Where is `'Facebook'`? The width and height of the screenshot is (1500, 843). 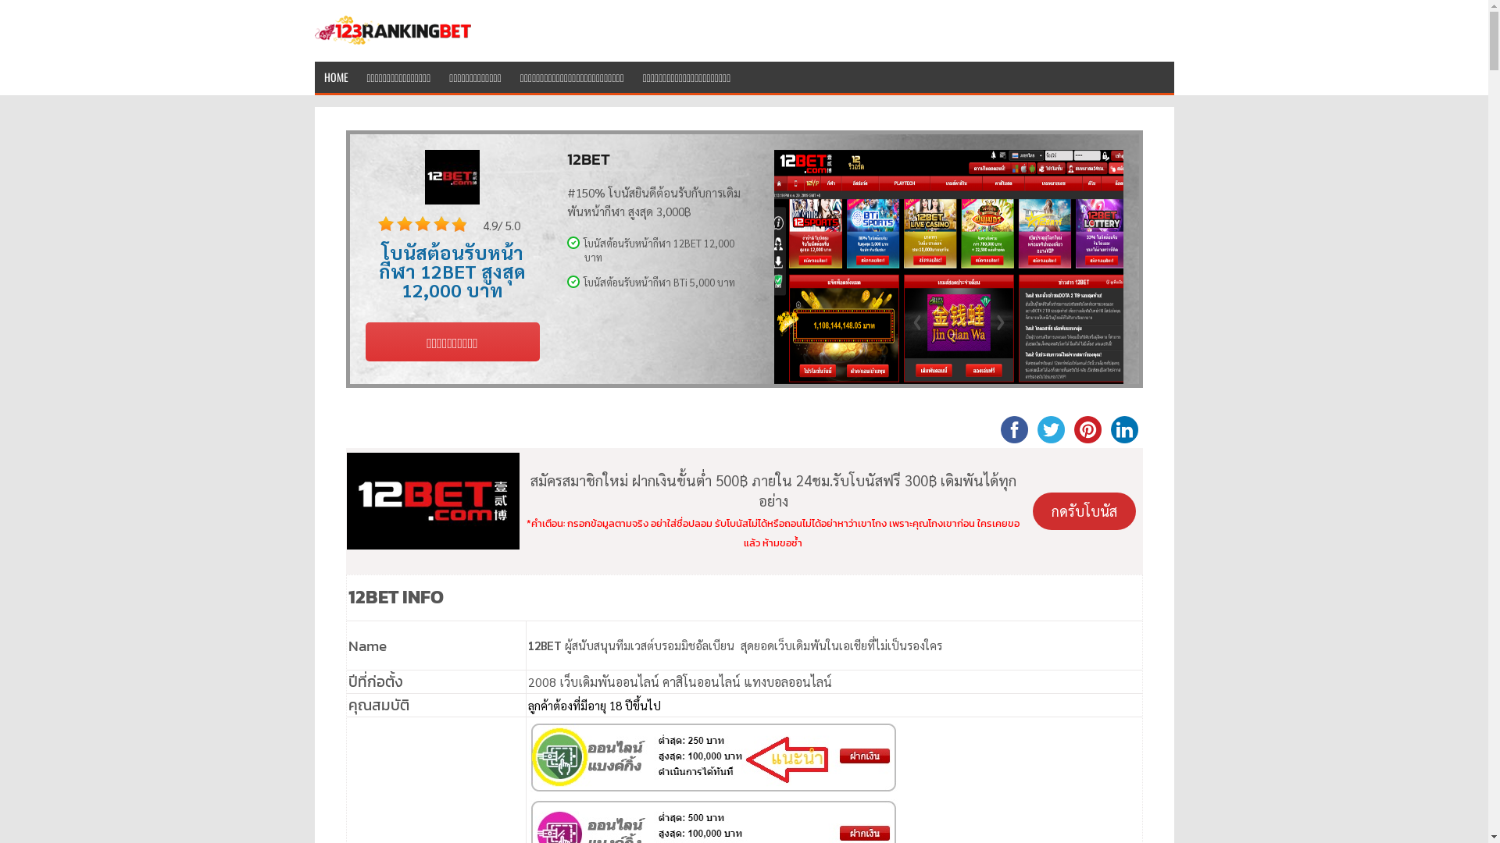
'Facebook' is located at coordinates (1013, 429).